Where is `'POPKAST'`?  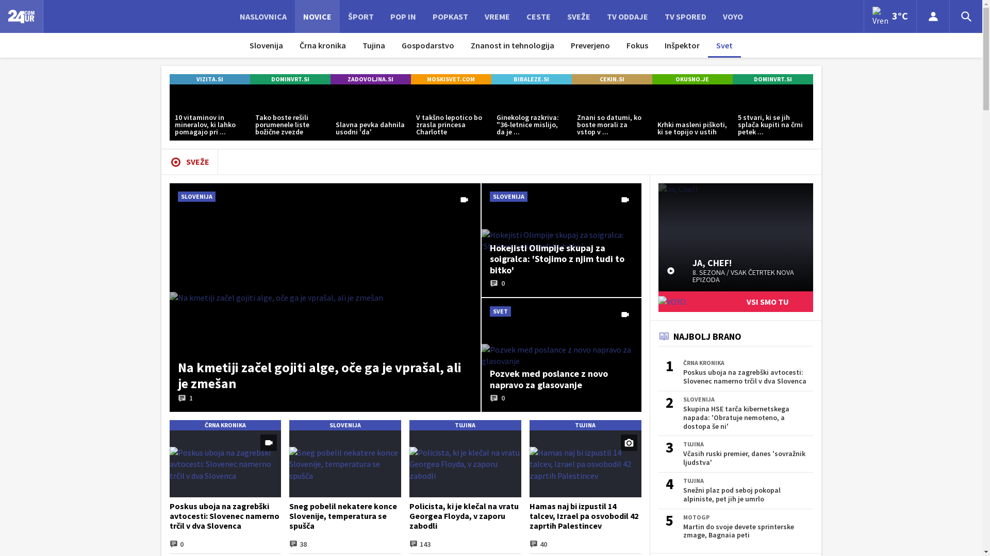
'POPKAST' is located at coordinates (450, 16).